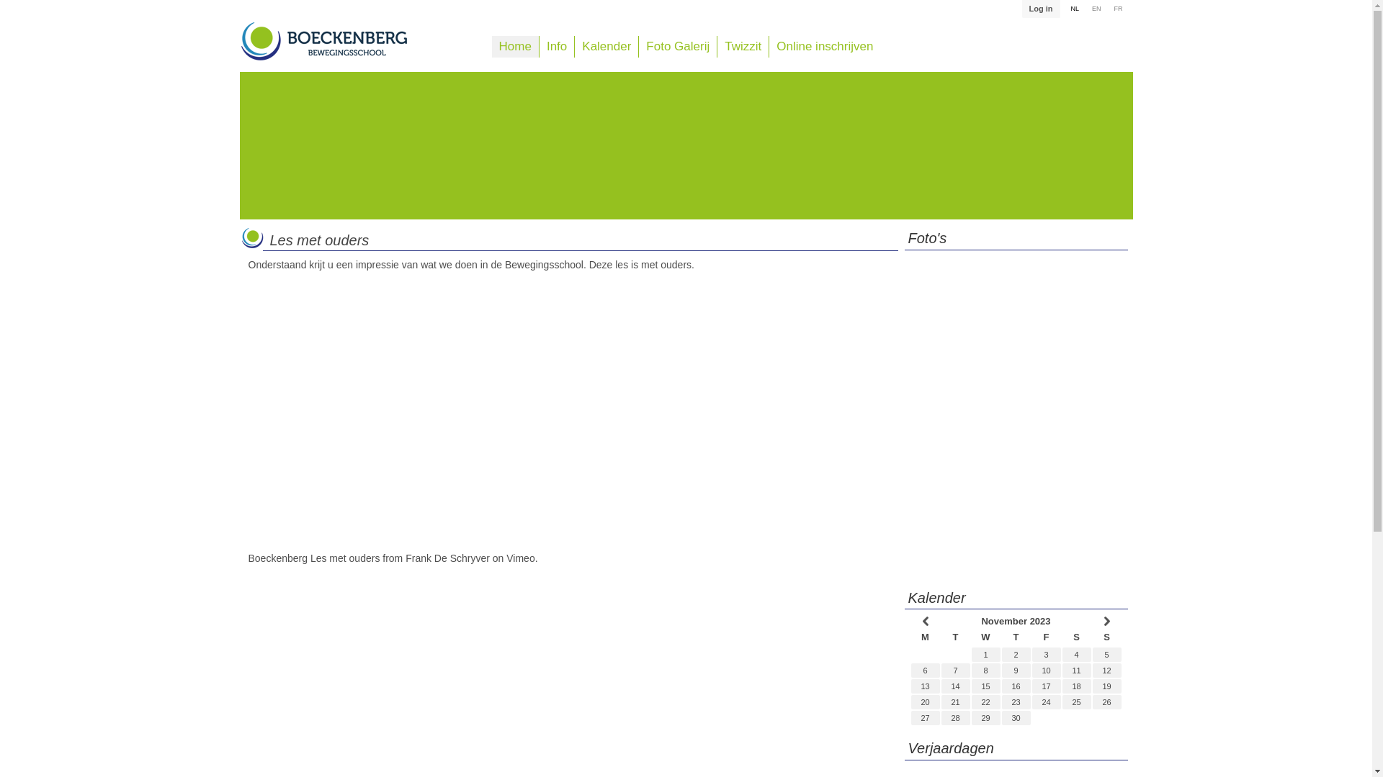 This screenshot has height=777, width=1383. What do you see at coordinates (519, 557) in the screenshot?
I see `'Vimeo'` at bounding box center [519, 557].